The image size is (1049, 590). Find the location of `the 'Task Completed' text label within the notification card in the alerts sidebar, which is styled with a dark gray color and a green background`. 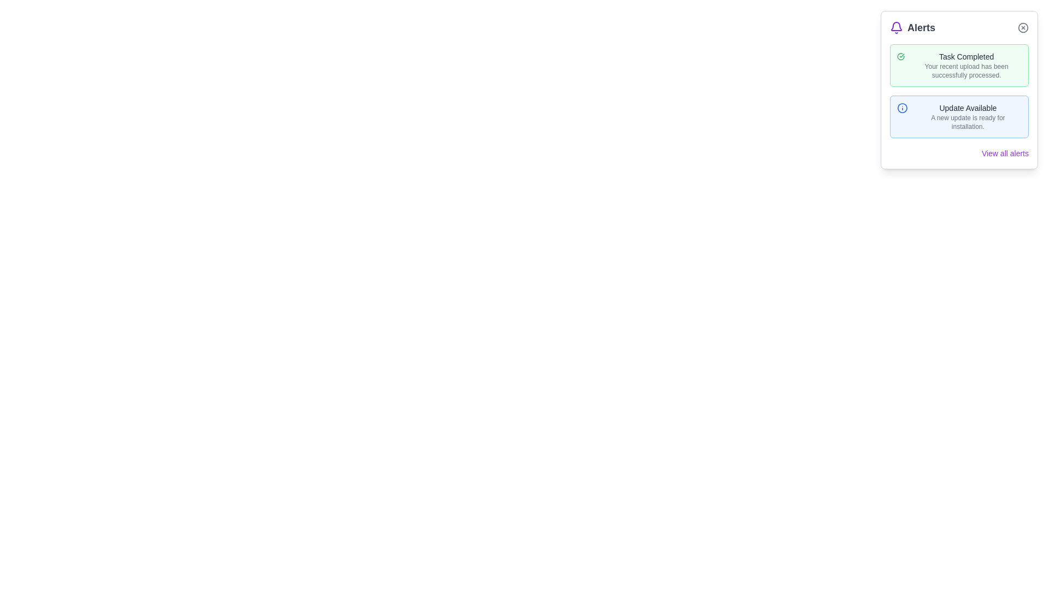

the 'Task Completed' text label within the notification card in the alerts sidebar, which is styled with a dark gray color and a green background is located at coordinates (967, 57).